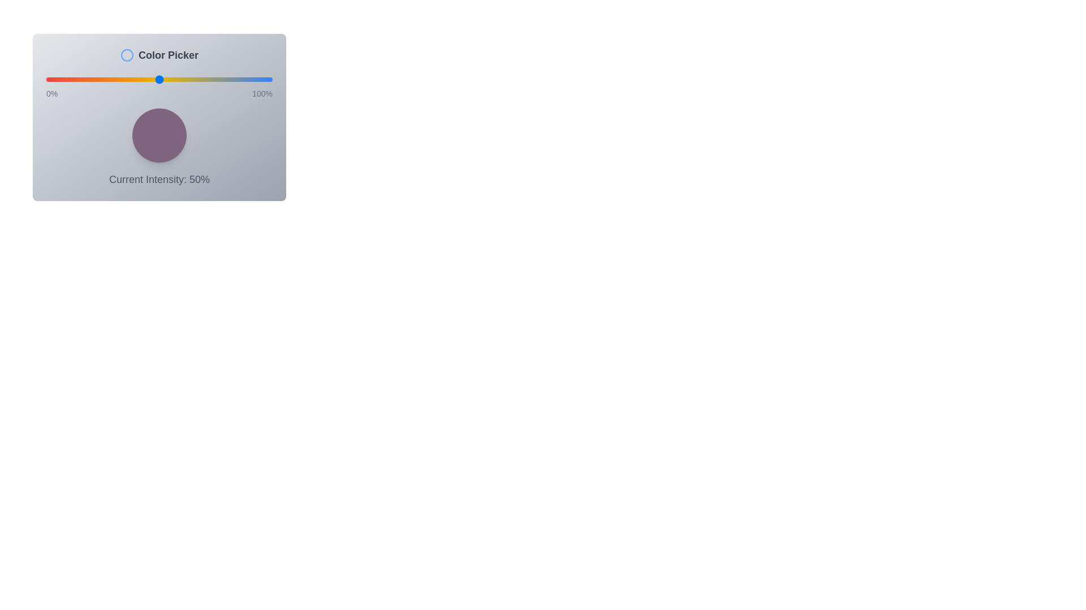 The image size is (1086, 610). What do you see at coordinates (268, 79) in the screenshot?
I see `the intensity slider to 98%` at bounding box center [268, 79].